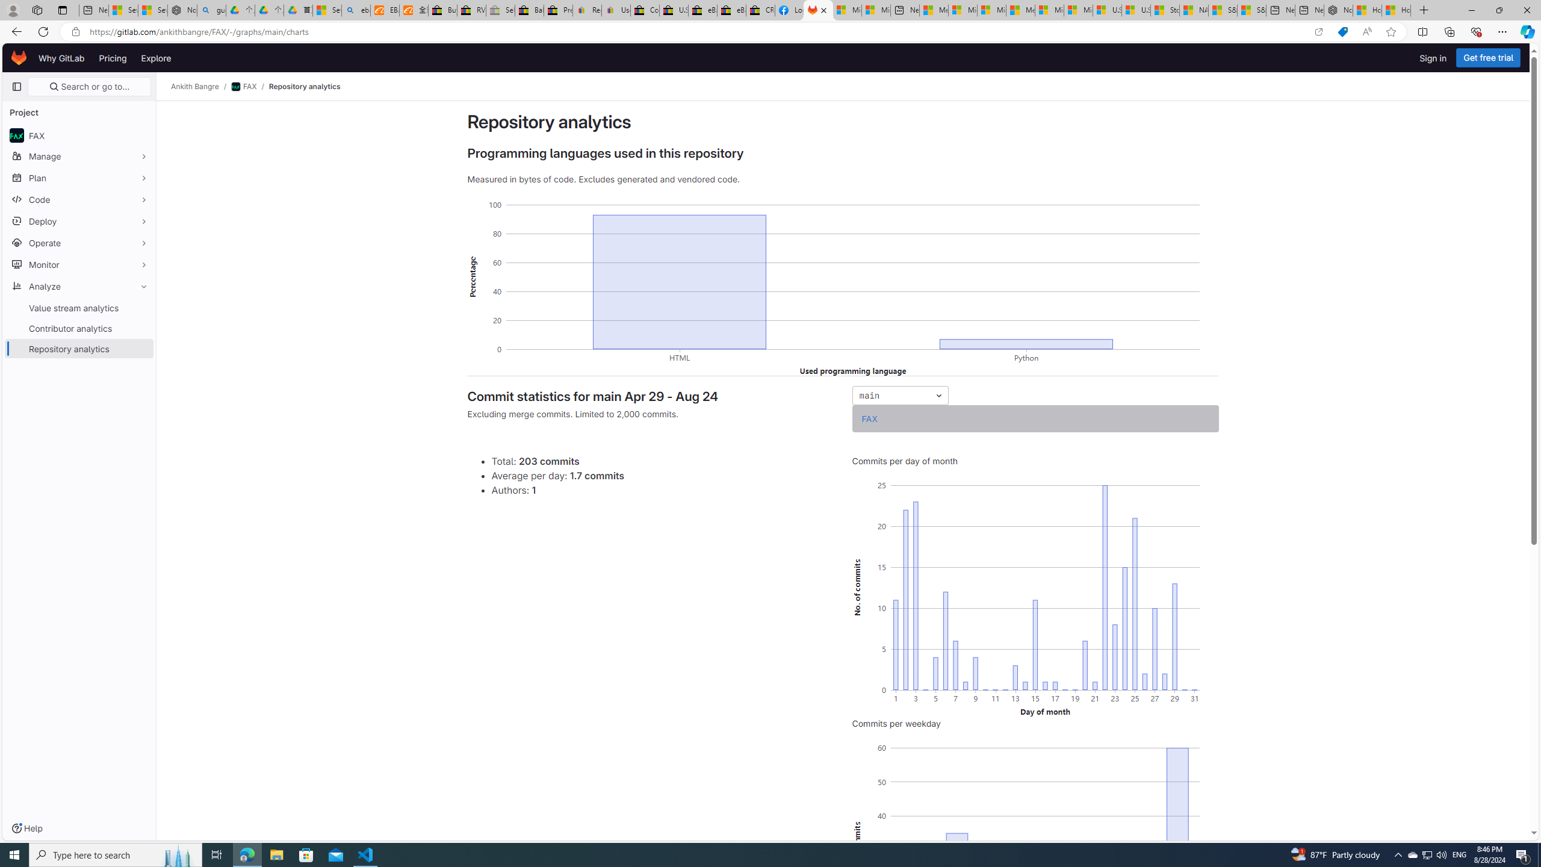 This screenshot has height=867, width=1541. I want to click on 'Plan', so click(78, 177).